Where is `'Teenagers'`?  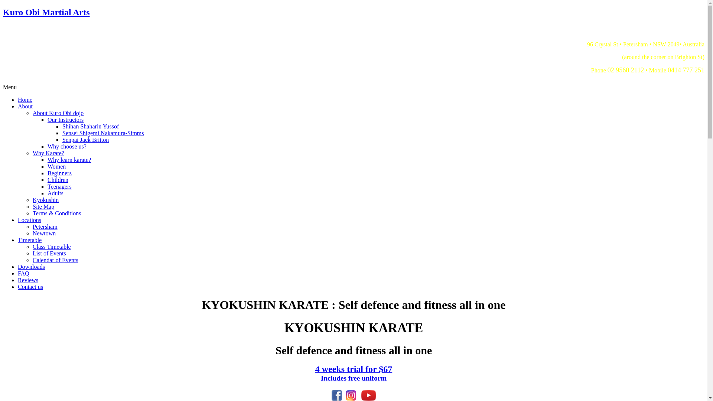 'Teenagers' is located at coordinates (59, 186).